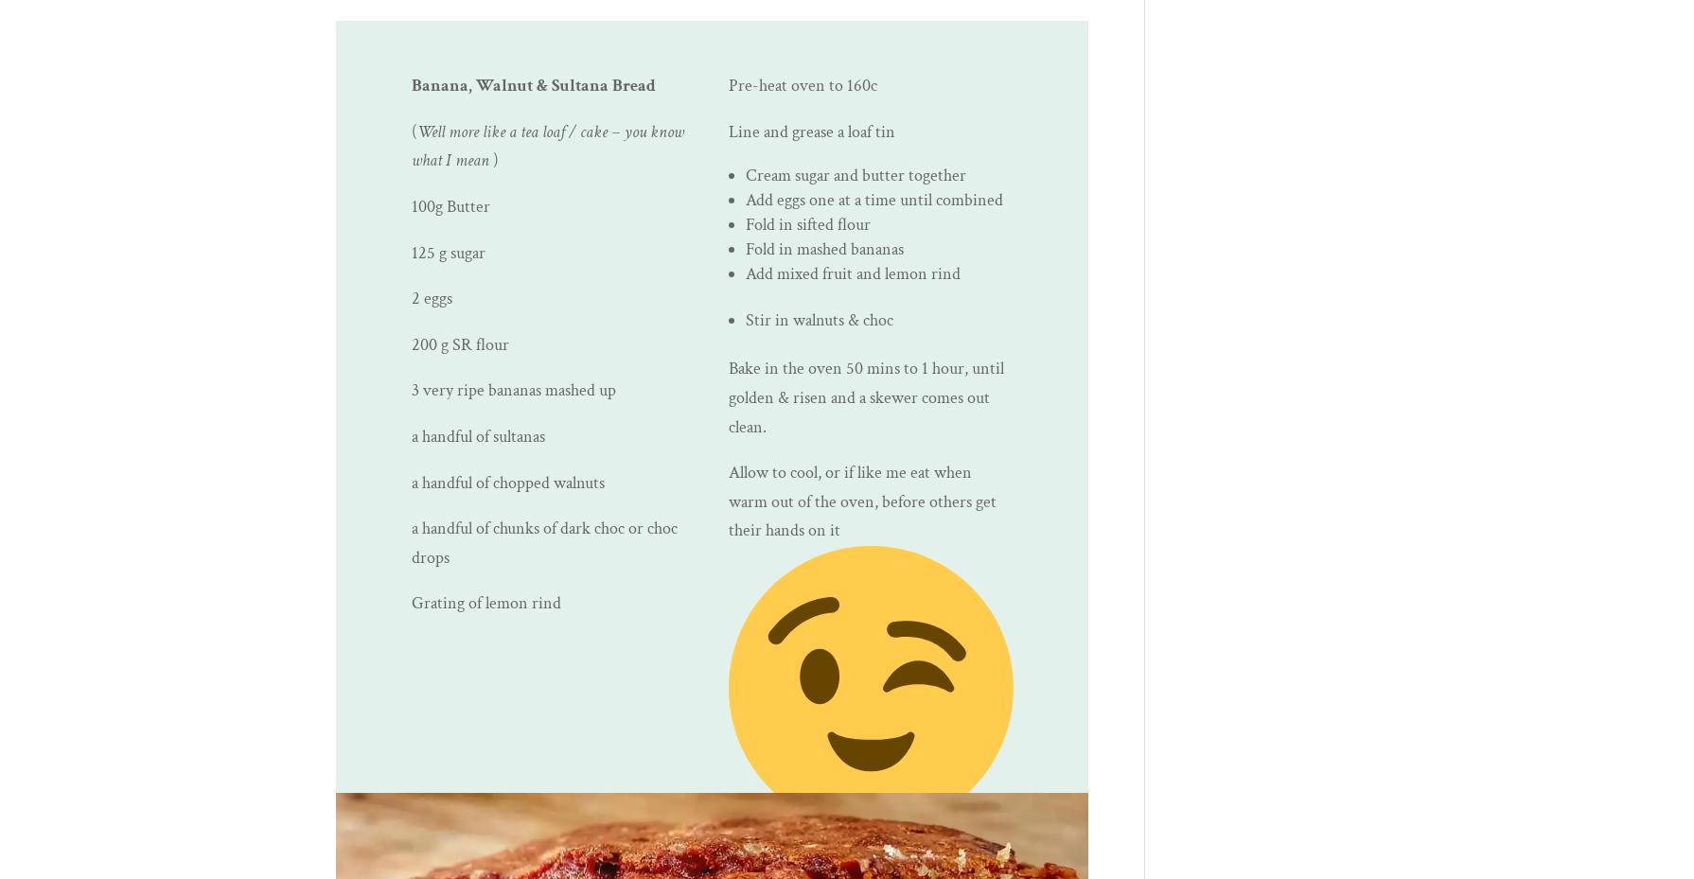 Image resolution: width=1694 pixels, height=879 pixels. Describe the element at coordinates (819, 320) in the screenshot. I see `'Stir in walnuts & choc'` at that location.